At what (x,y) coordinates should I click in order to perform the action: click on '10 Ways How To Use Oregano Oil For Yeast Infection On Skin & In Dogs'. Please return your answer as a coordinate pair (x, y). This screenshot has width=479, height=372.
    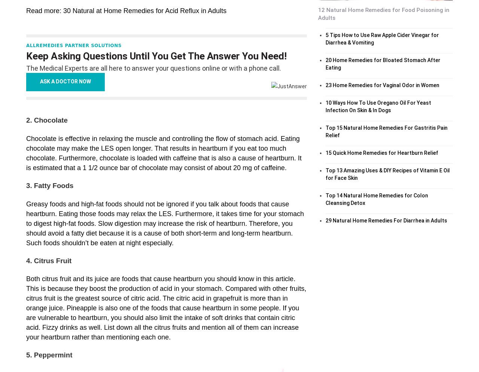
    Looking at the image, I should click on (378, 105).